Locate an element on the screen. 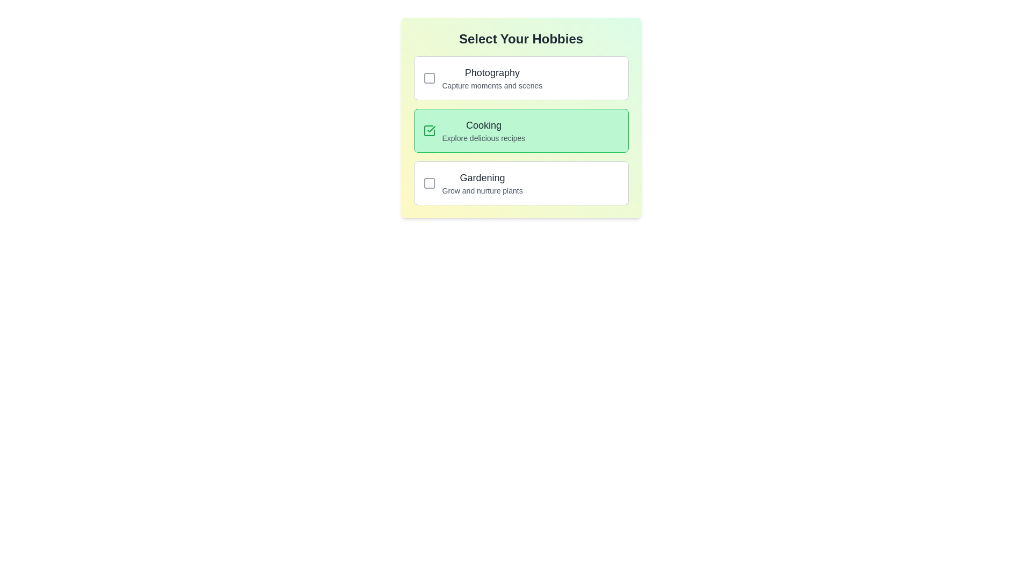 The height and width of the screenshot is (579, 1031). the checkbox representing the option for Photography is located at coordinates (521, 78).